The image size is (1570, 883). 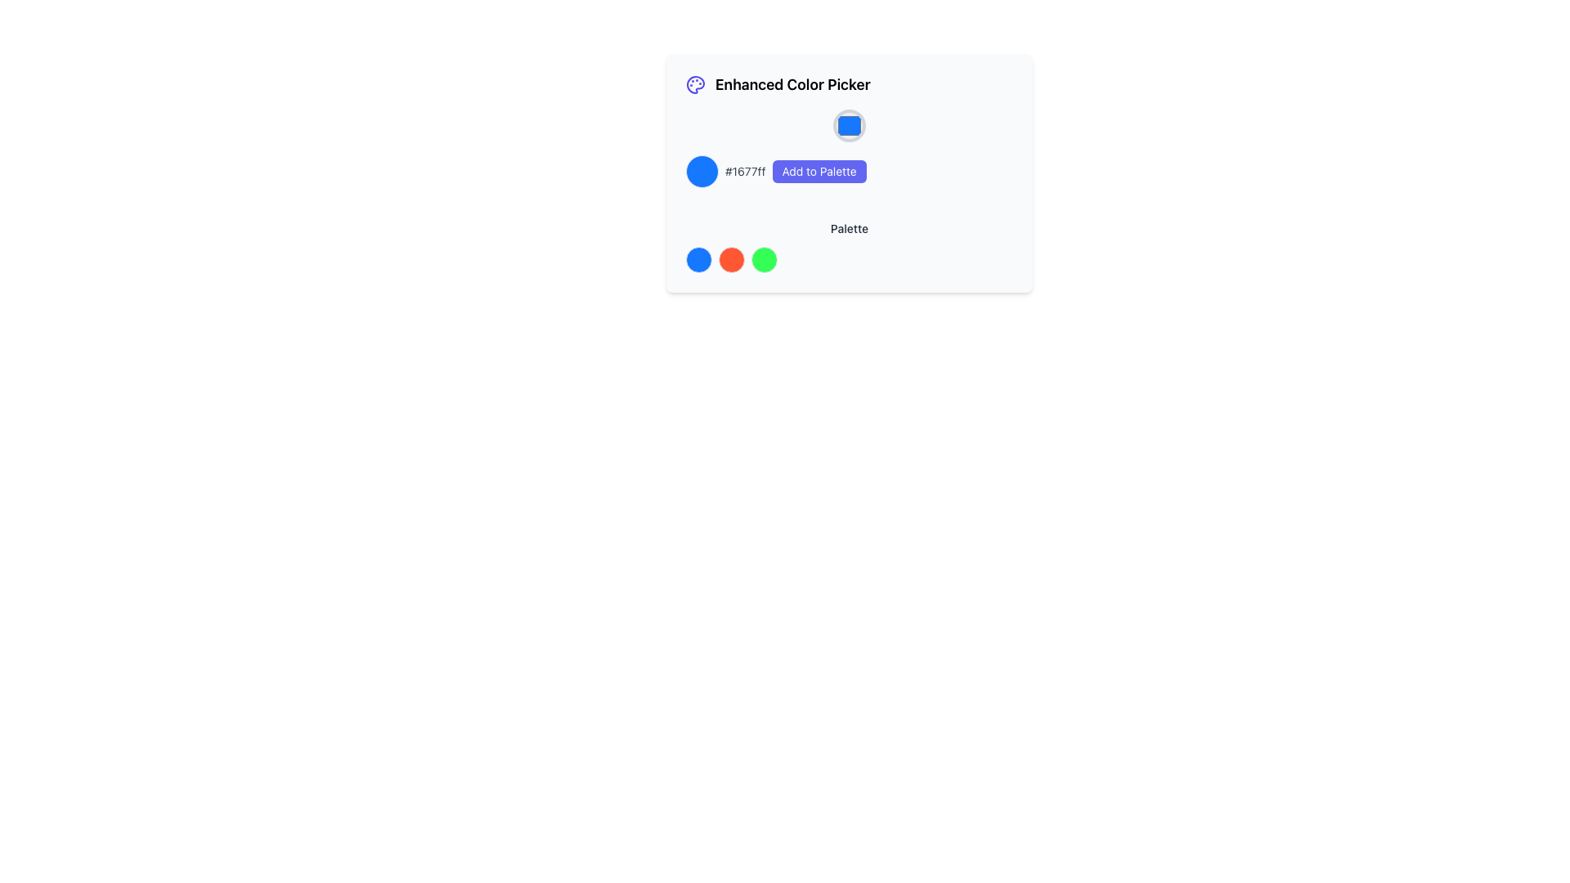 I want to click on the Text Label displaying the hexadecimal value of the color blue, which is positioned to the right of the blue color swatch and left of the 'Add to Palette' button, so click(x=744, y=171).